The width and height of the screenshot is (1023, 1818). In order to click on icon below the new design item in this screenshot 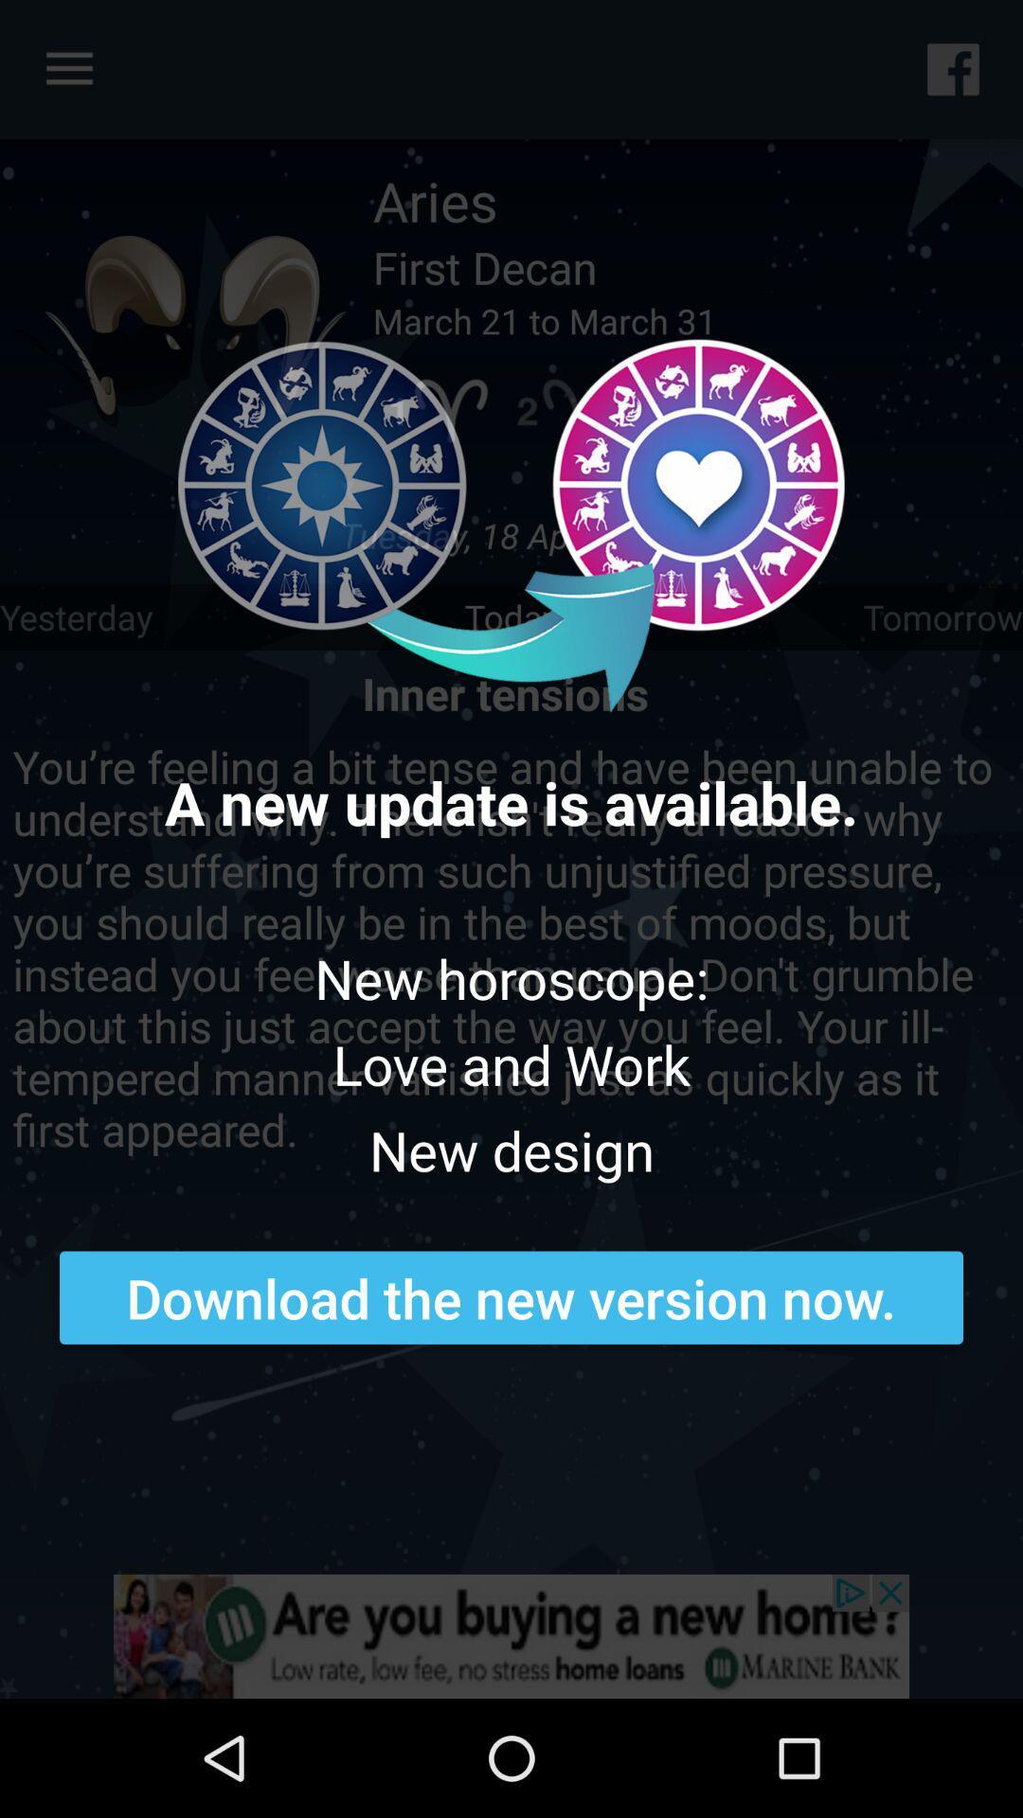, I will do `click(511, 1296)`.